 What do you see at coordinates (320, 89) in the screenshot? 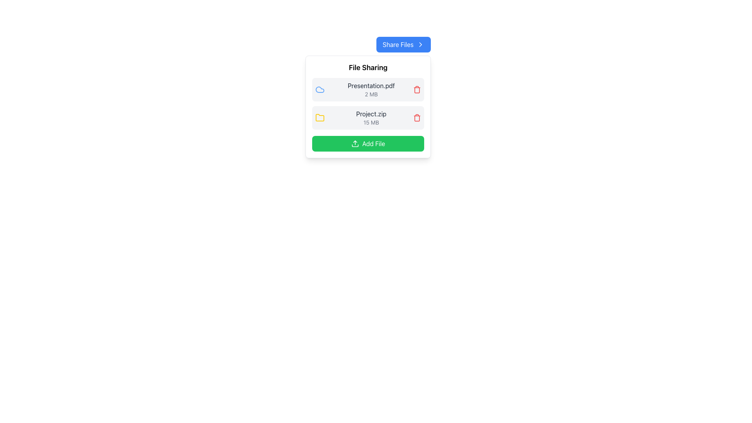
I see `the blue cloud graphical icon located to the left of the 'Presentation.pdf' filename in the file-sharing interface` at bounding box center [320, 89].